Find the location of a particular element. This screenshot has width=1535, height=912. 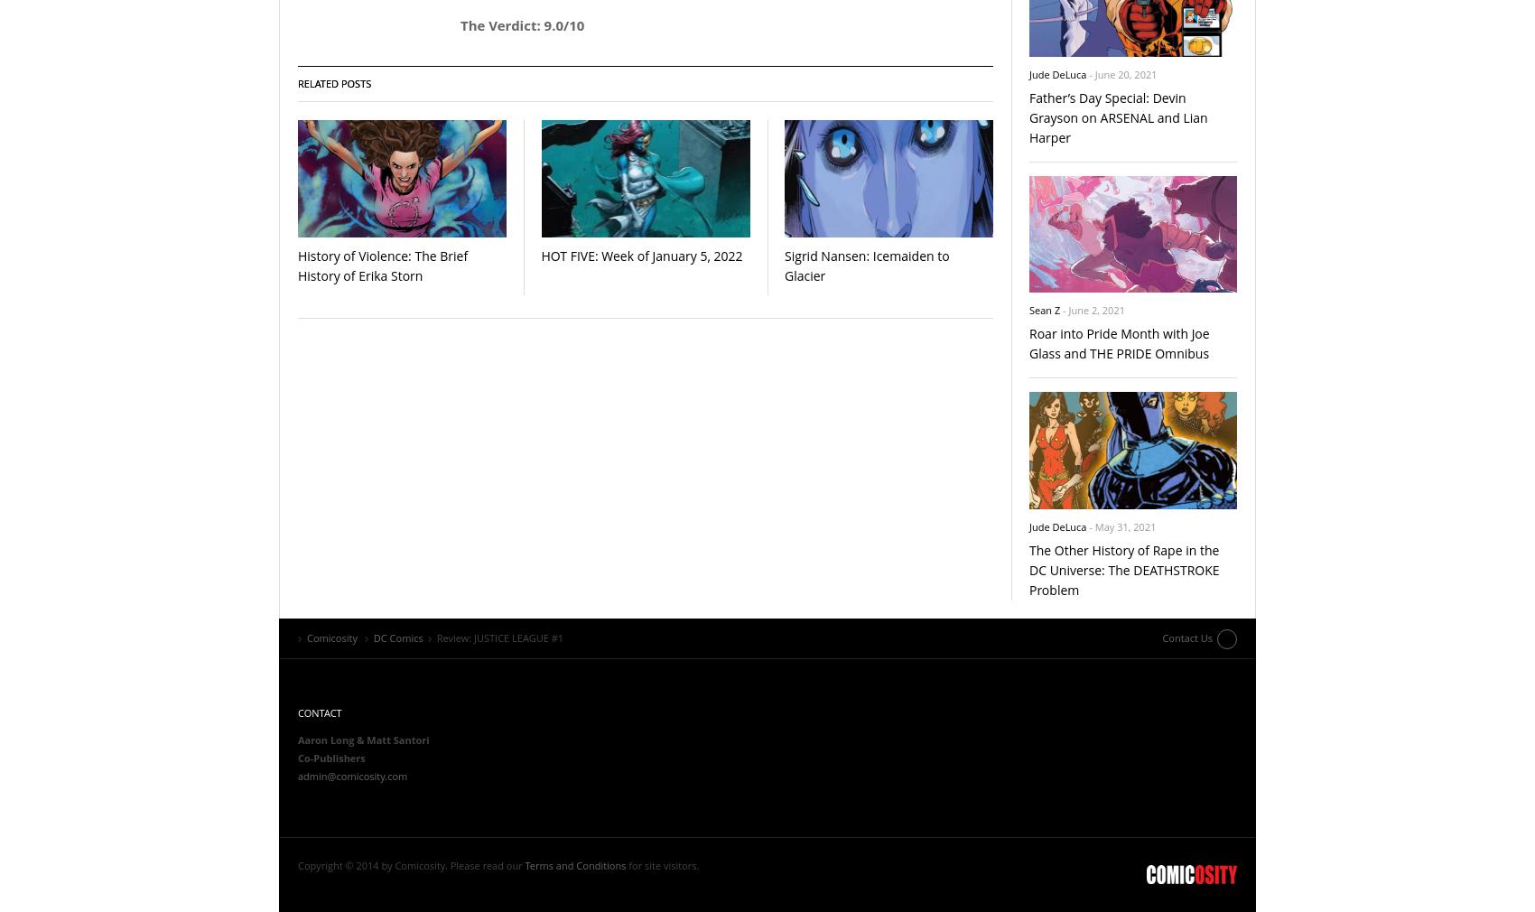

'Contact' is located at coordinates (318, 712).